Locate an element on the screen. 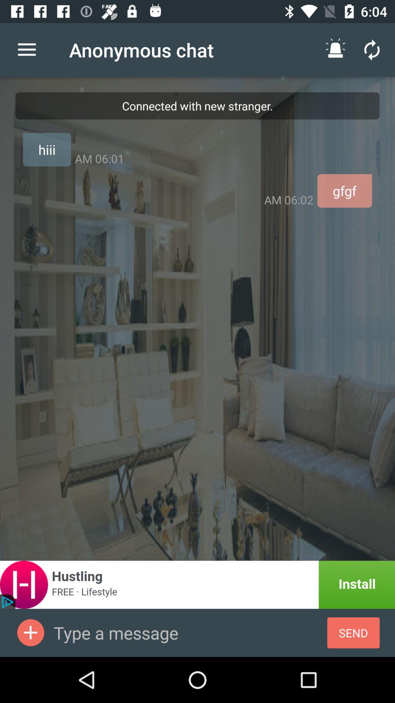  the bottom text field is located at coordinates (190, 632).